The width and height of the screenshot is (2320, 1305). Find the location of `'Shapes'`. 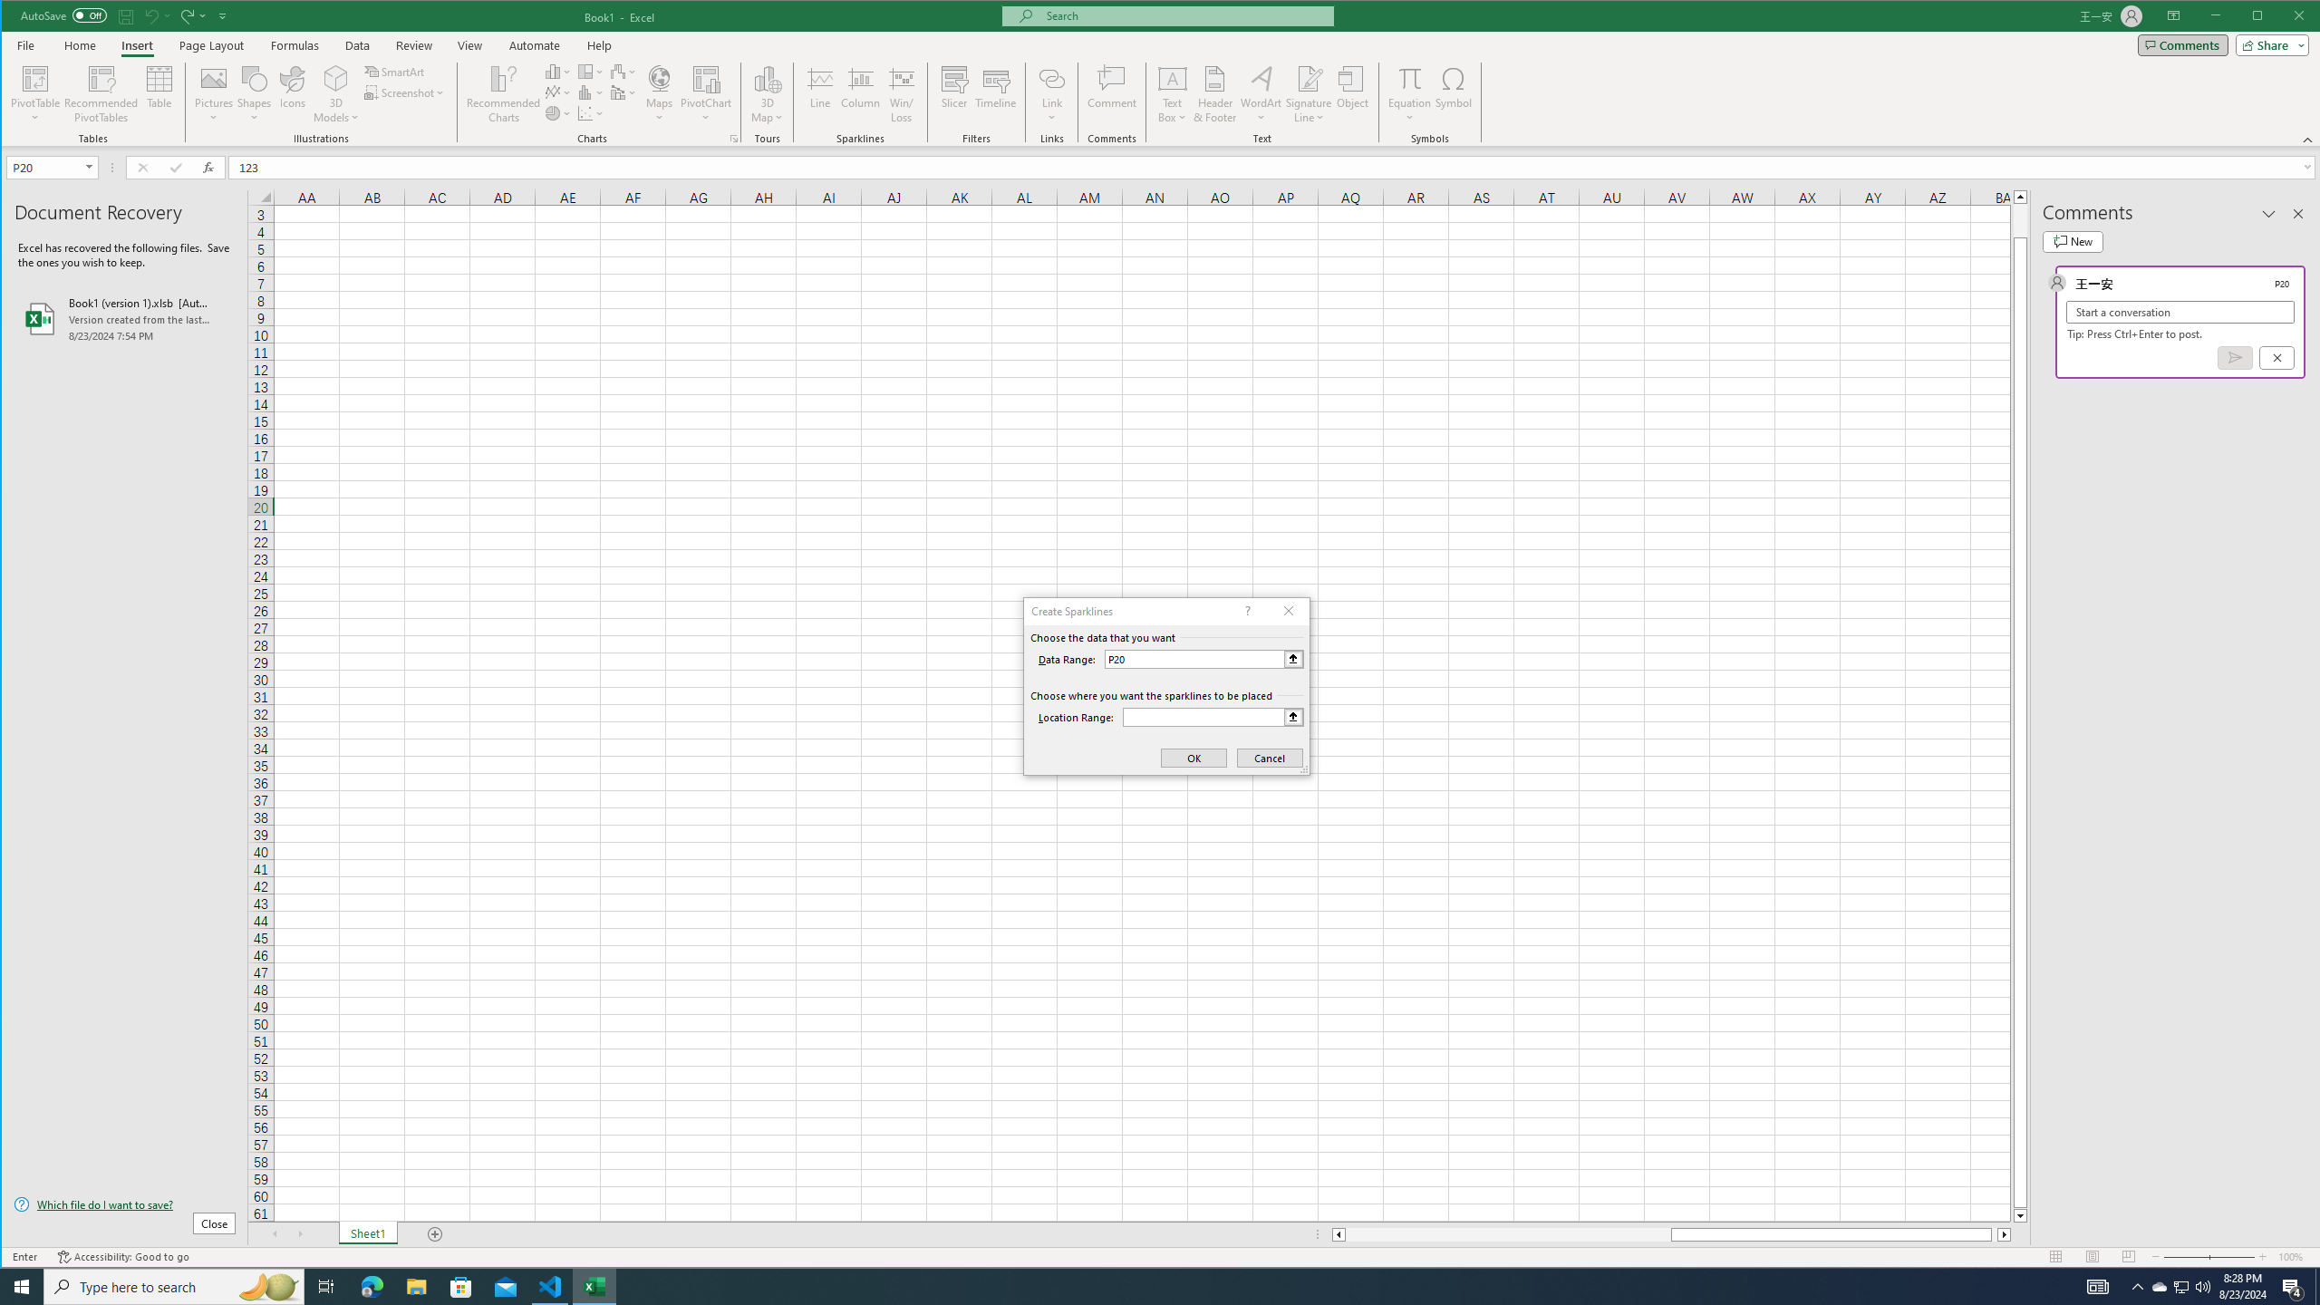

'Shapes' is located at coordinates (255, 93).